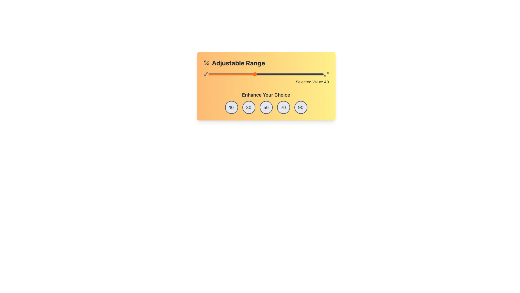 Image resolution: width=520 pixels, height=293 pixels. Describe the element at coordinates (276, 74) in the screenshot. I see `the slider value` at that location.